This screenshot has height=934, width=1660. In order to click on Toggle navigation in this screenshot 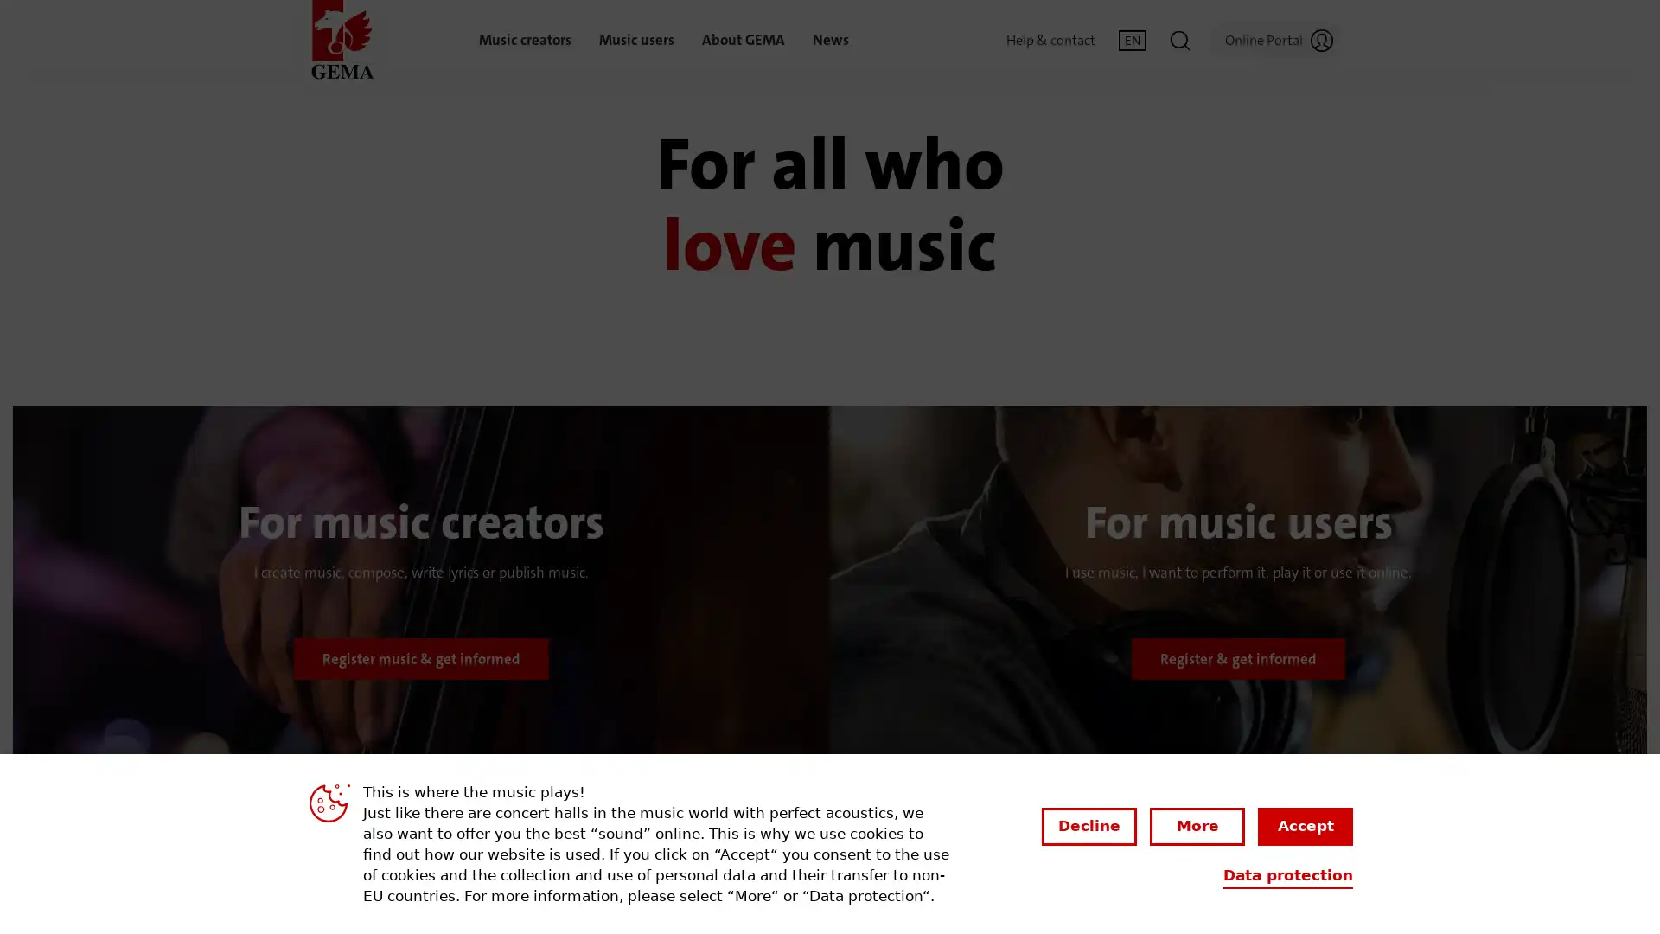, I will do `click(1178, 39)`.